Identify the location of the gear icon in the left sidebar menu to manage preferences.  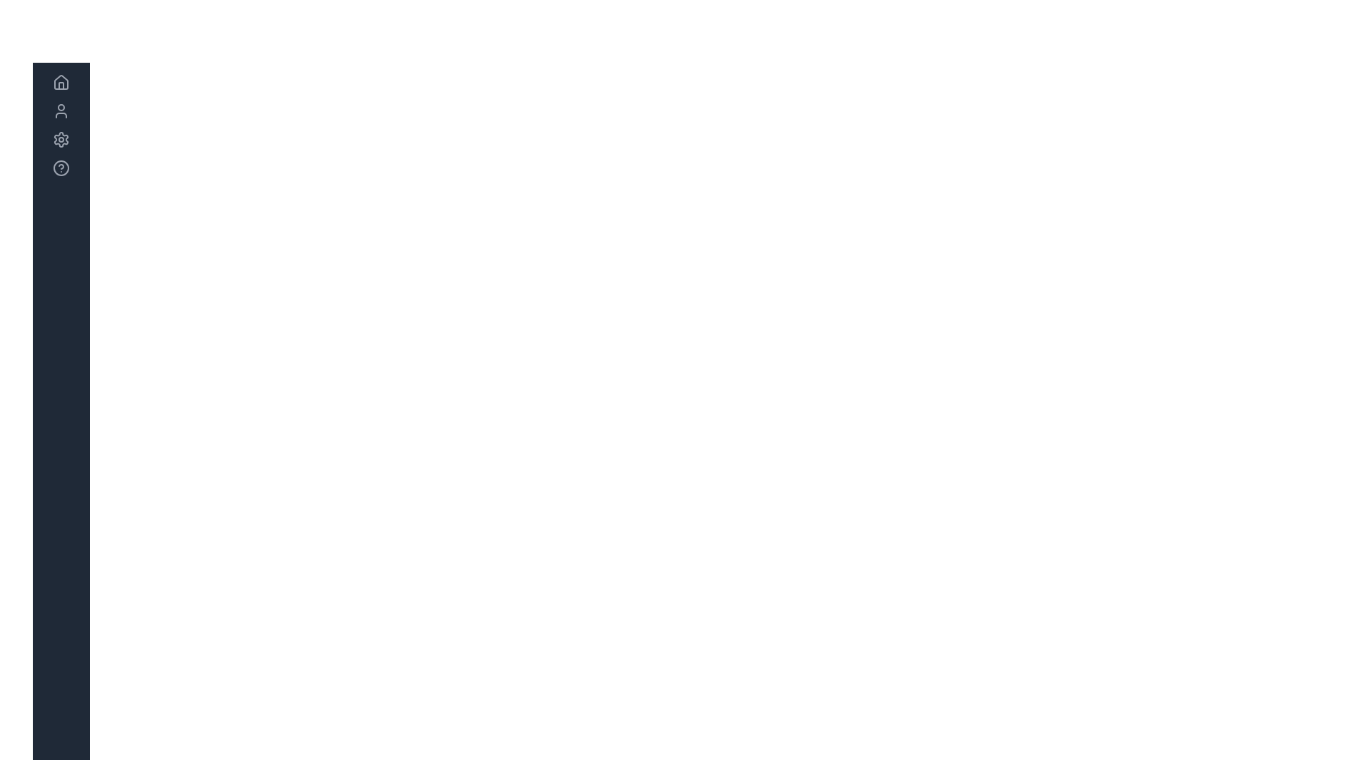
(61, 140).